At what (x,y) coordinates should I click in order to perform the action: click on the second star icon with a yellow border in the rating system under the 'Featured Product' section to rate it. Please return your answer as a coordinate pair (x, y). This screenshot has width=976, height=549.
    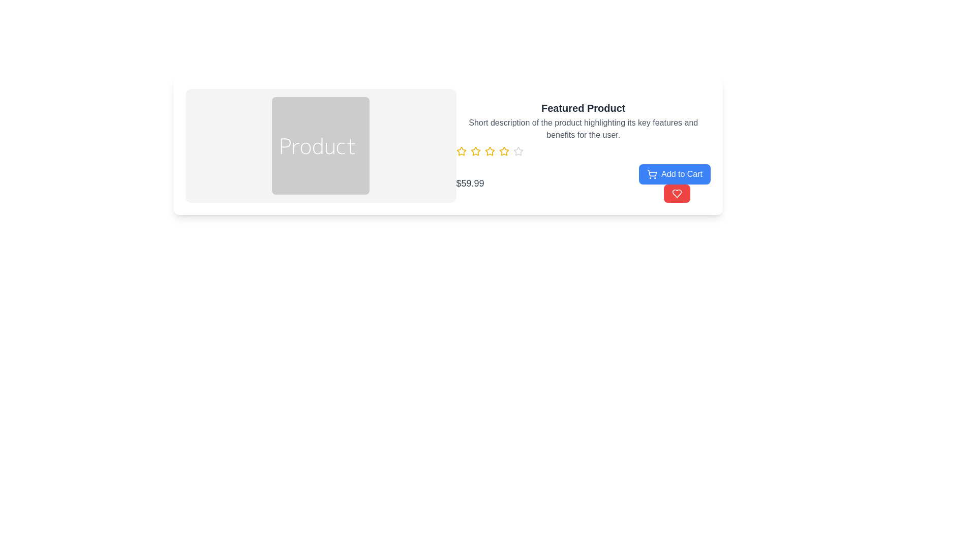
    Looking at the image, I should click on (475, 151).